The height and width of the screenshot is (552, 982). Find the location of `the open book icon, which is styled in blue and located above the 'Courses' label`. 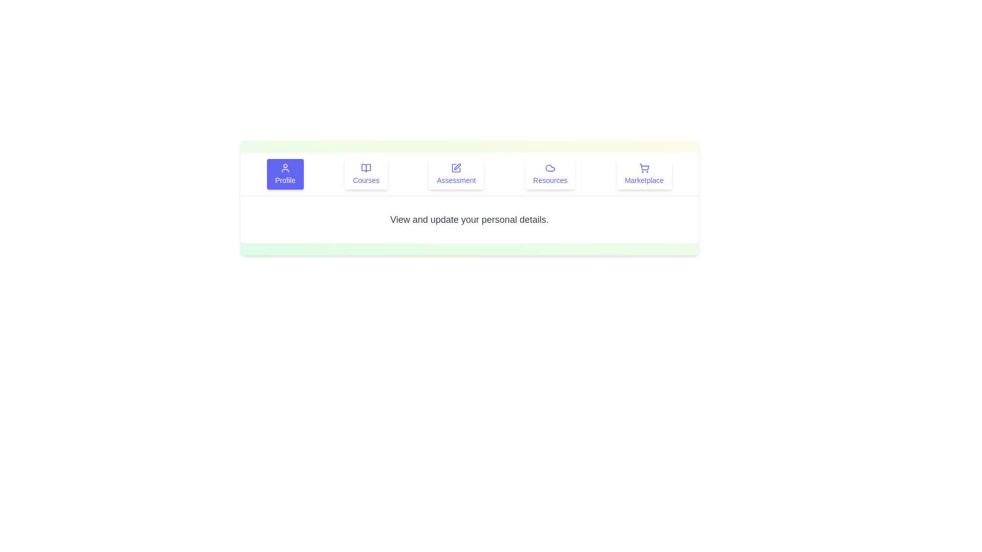

the open book icon, which is styled in blue and located above the 'Courses' label is located at coordinates (366, 167).